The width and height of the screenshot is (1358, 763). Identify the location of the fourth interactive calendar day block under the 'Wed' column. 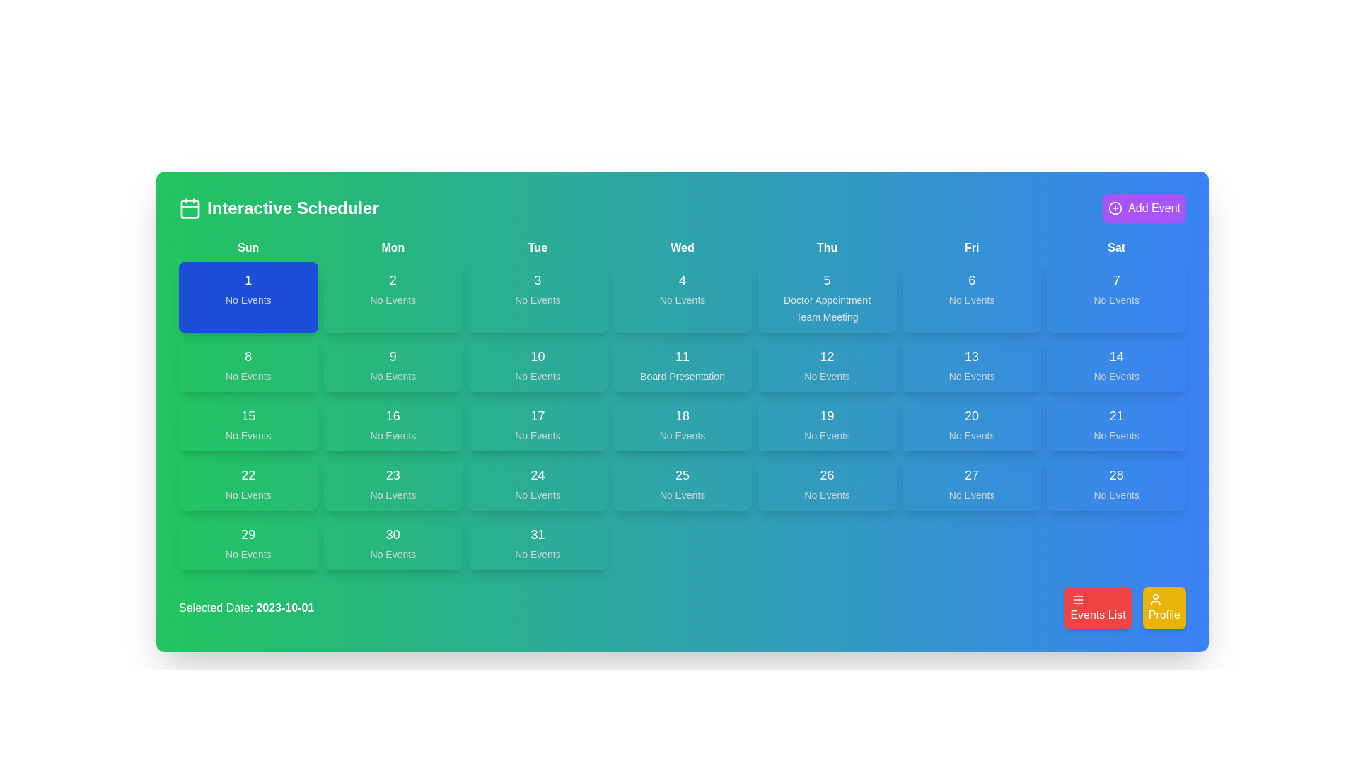
(682, 296).